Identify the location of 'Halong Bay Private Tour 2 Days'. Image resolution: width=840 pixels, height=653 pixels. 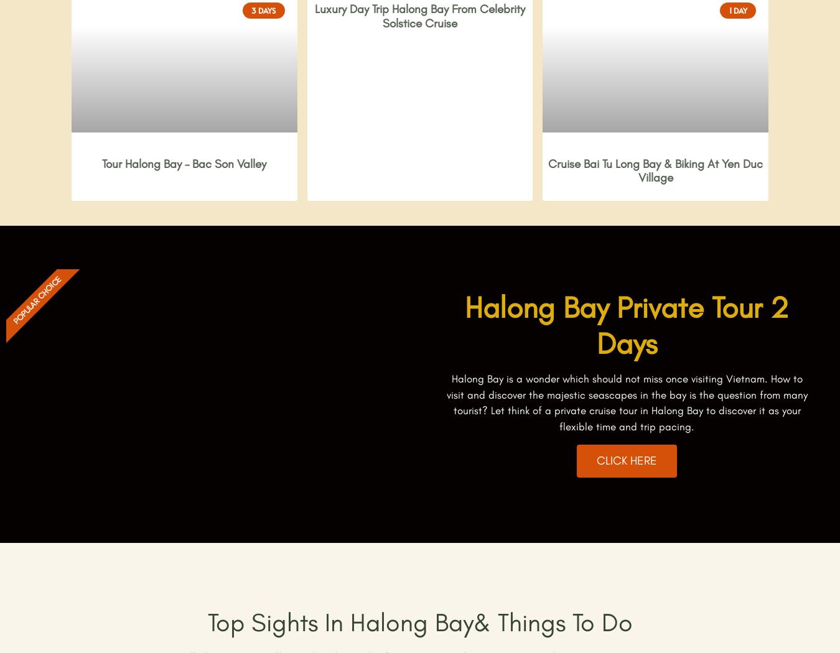
(626, 325).